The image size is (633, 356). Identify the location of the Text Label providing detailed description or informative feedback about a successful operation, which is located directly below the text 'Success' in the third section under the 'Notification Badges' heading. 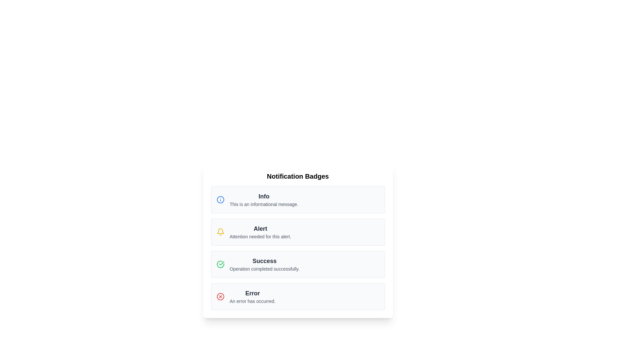
(264, 269).